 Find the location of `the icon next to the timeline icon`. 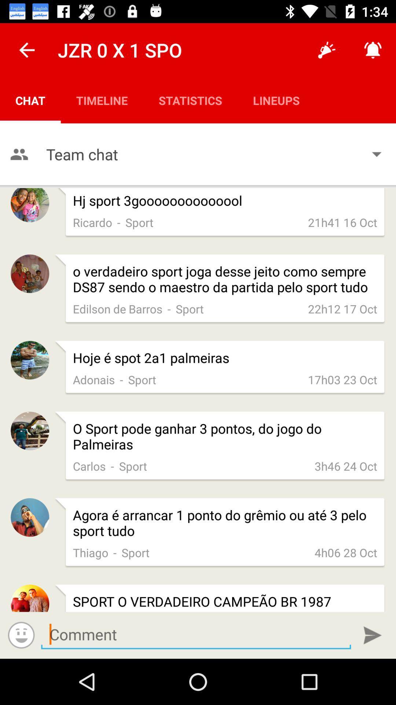

the icon next to the timeline icon is located at coordinates (190, 100).